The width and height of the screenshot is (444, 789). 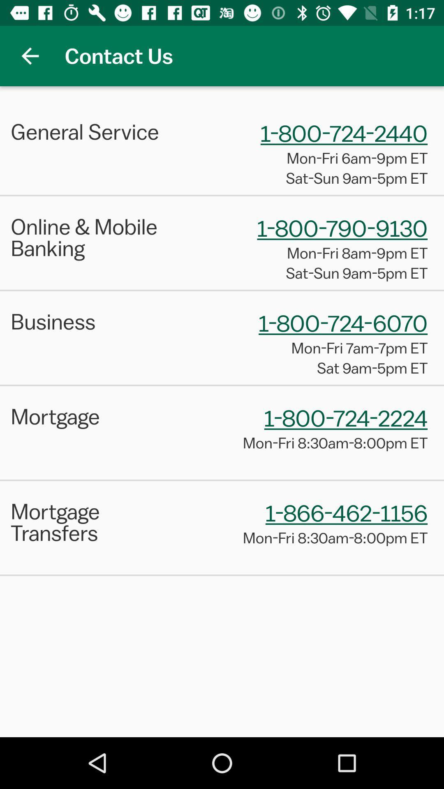 What do you see at coordinates (97, 237) in the screenshot?
I see `item to the left of 1 800 790 icon` at bounding box center [97, 237].